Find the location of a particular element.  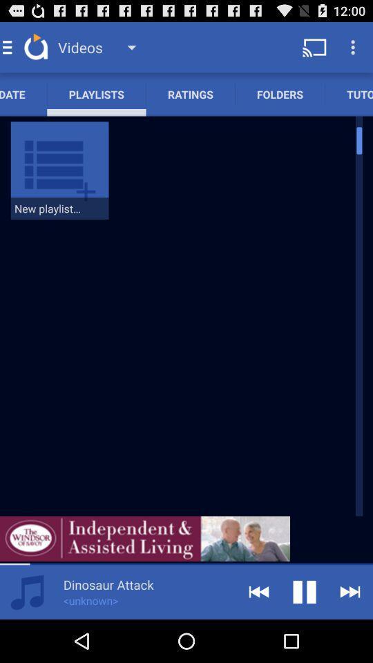

the menu icon on the top right corner of the page is located at coordinates (355, 47).